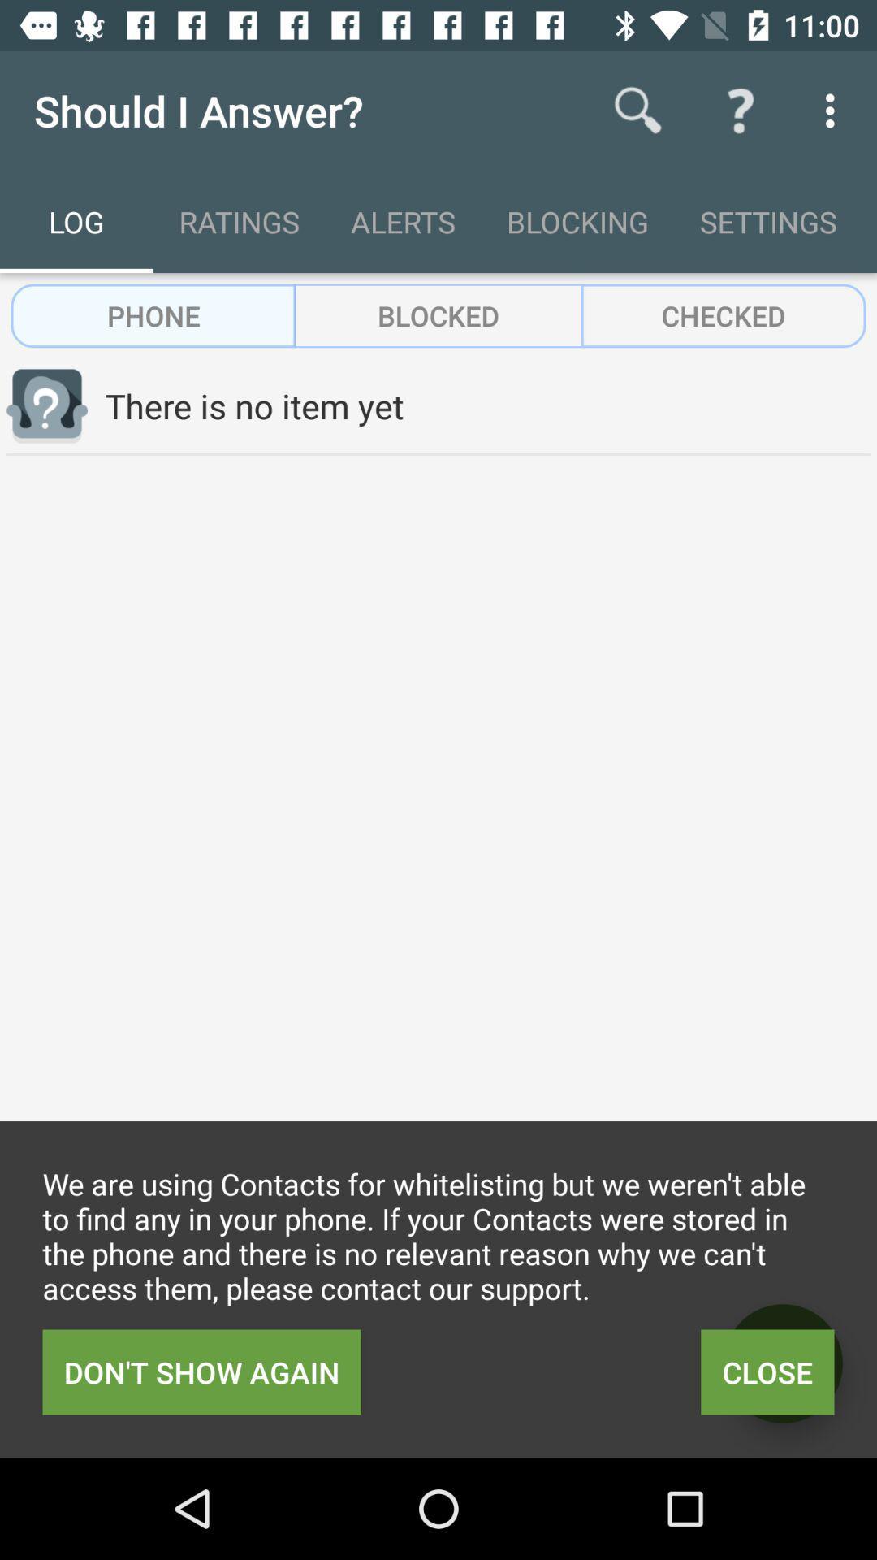  Describe the element at coordinates (723, 315) in the screenshot. I see `the item next to blocked icon` at that location.